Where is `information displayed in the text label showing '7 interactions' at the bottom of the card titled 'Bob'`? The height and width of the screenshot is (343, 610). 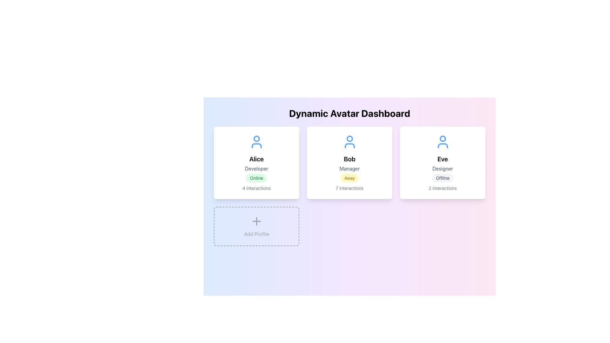 information displayed in the text label showing '7 interactions' at the bottom of the card titled 'Bob' is located at coordinates (349, 188).